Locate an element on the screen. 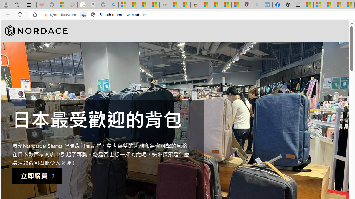 The height and width of the screenshot is (199, 355). 'Microsoft Start' is located at coordinates (329, 5).